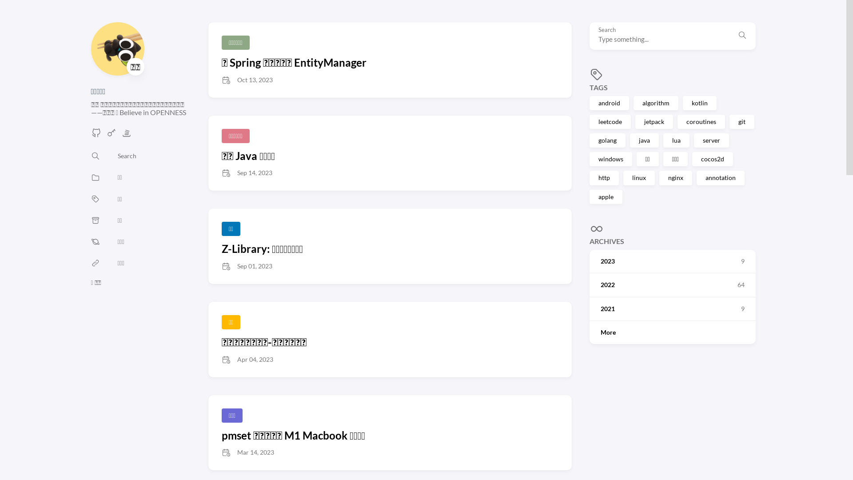  What do you see at coordinates (659, 178) in the screenshot?
I see `'nginx'` at bounding box center [659, 178].